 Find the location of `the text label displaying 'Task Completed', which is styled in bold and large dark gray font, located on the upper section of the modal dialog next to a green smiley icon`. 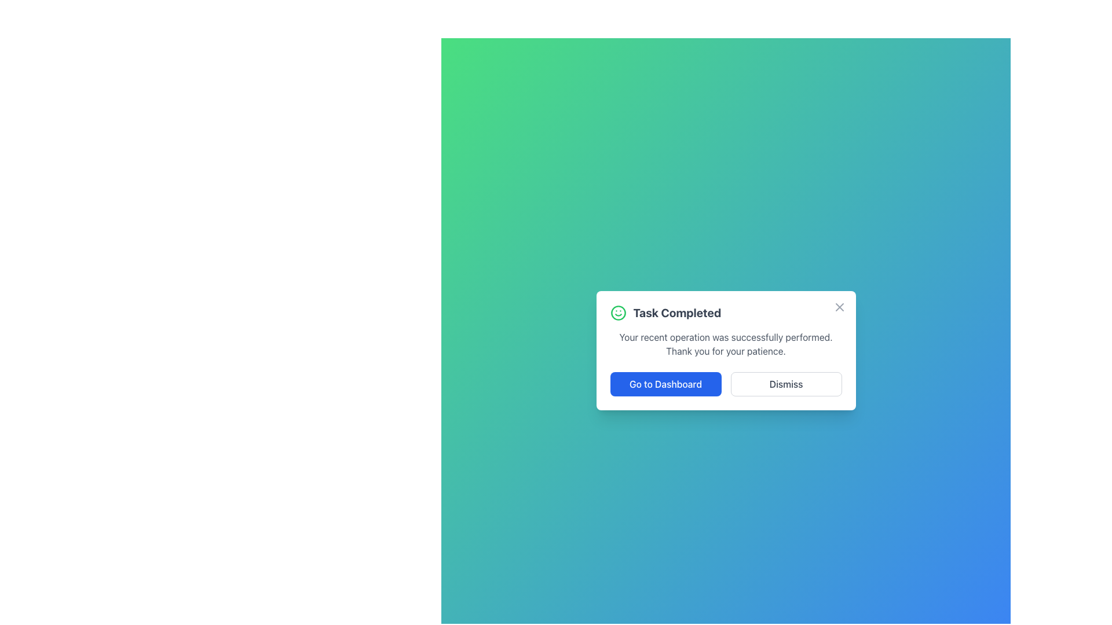

the text label displaying 'Task Completed', which is styled in bold and large dark gray font, located on the upper section of the modal dialog next to a green smiley icon is located at coordinates (677, 312).